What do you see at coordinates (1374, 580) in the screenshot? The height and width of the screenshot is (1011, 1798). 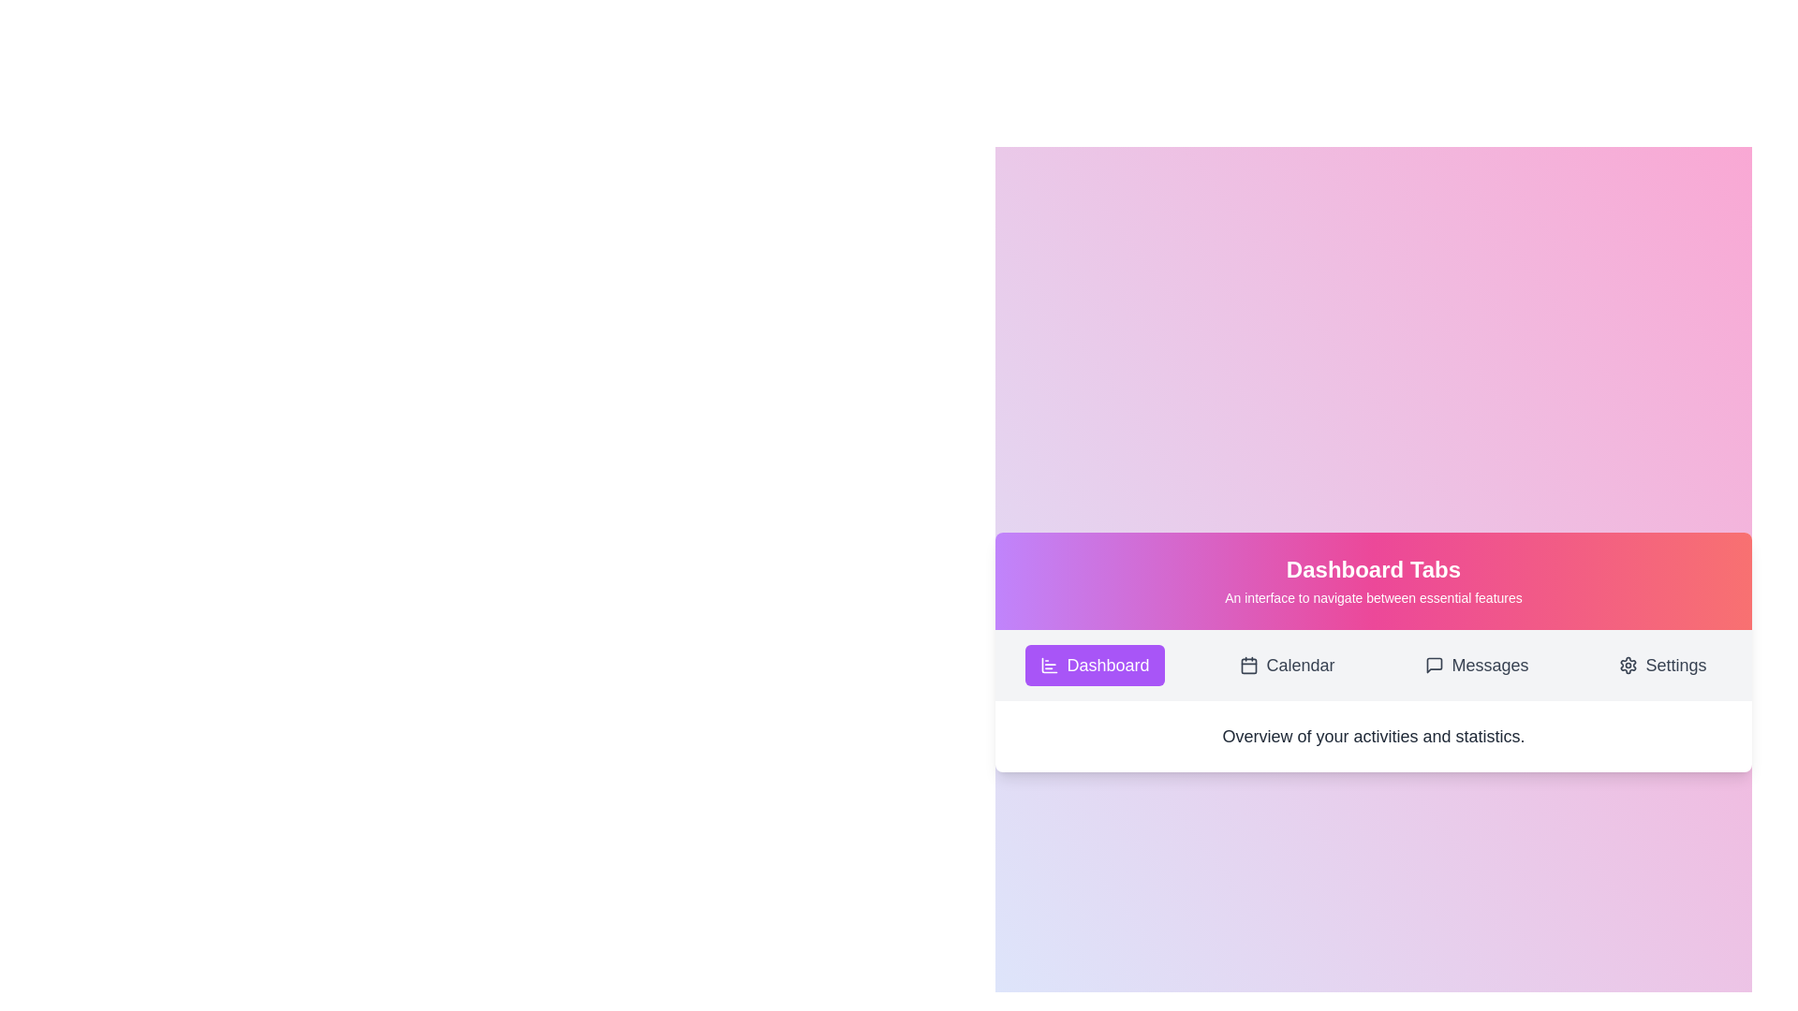 I see `the Static informational banner header displaying 'Dashboard Tabs' with a gradient background from purple to red` at bounding box center [1374, 580].